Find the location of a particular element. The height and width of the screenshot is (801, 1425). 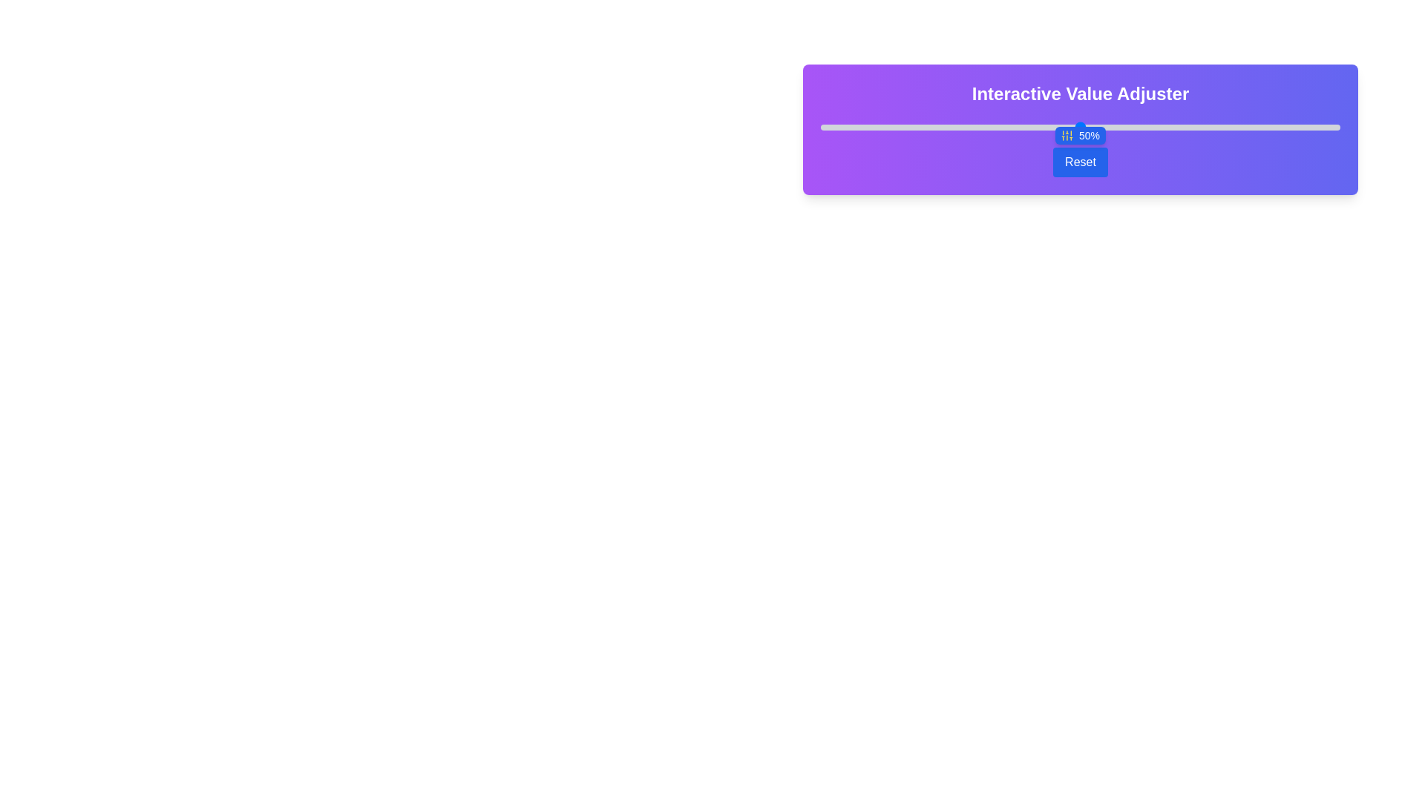

the slider value is located at coordinates (1080, 127).